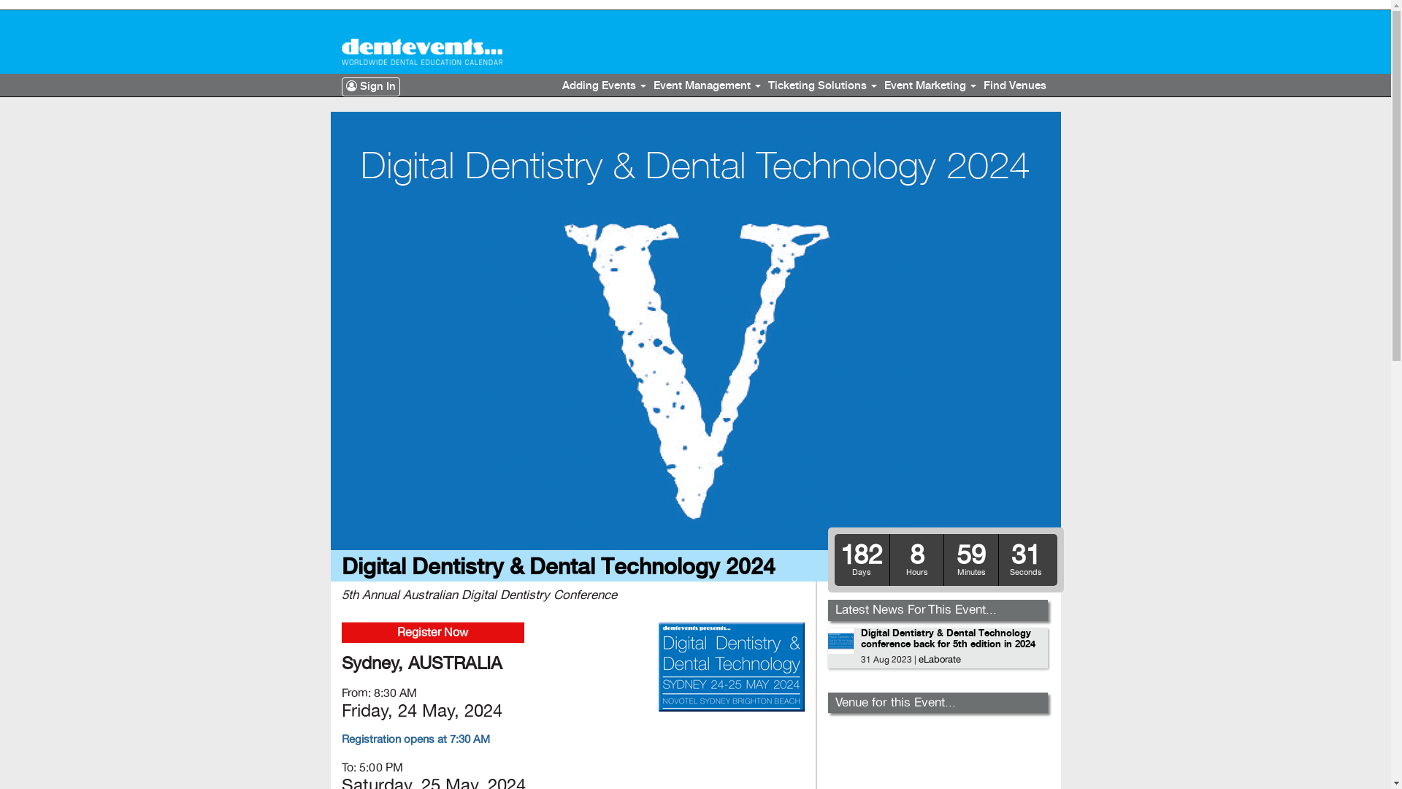 The image size is (1402, 789). What do you see at coordinates (821, 86) in the screenshot?
I see `'Ticketing Solutions'` at bounding box center [821, 86].